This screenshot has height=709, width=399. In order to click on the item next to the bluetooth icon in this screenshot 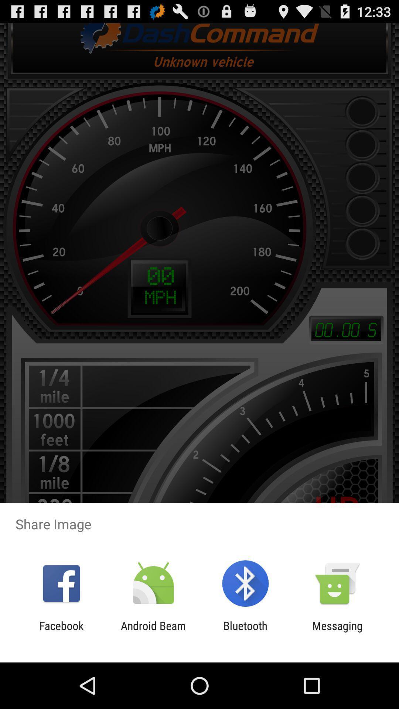, I will do `click(337, 632)`.